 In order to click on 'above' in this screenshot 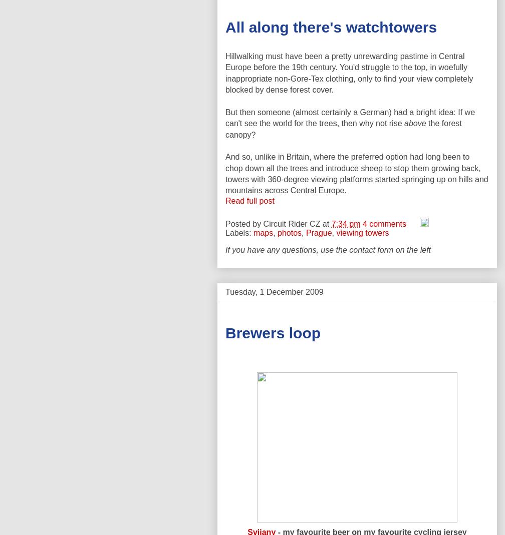, I will do `click(404, 123)`.